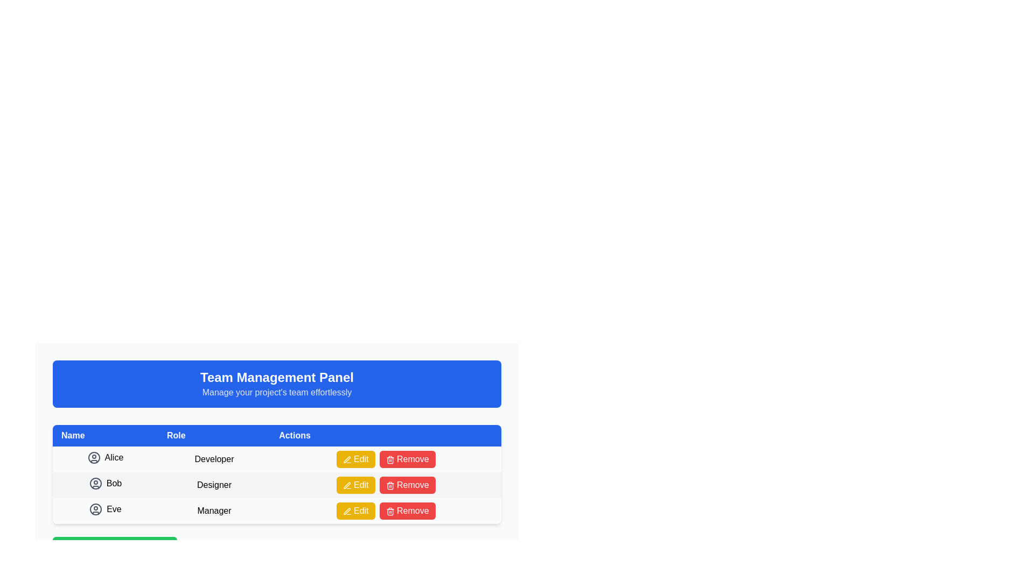  Describe the element at coordinates (347, 485) in the screenshot. I see `the edit icon located in the 'Actions' column of the middle row, which corresponds to the user entry labeled 'Bob'` at that location.